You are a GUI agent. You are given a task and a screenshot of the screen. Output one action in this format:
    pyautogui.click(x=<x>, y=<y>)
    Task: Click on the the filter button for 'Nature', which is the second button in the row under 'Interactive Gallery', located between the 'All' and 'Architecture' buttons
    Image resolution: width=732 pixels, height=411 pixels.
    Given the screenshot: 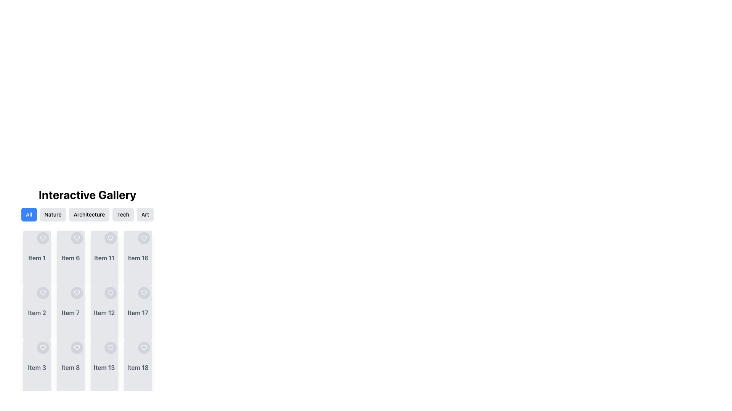 What is the action you would take?
    pyautogui.click(x=52, y=214)
    